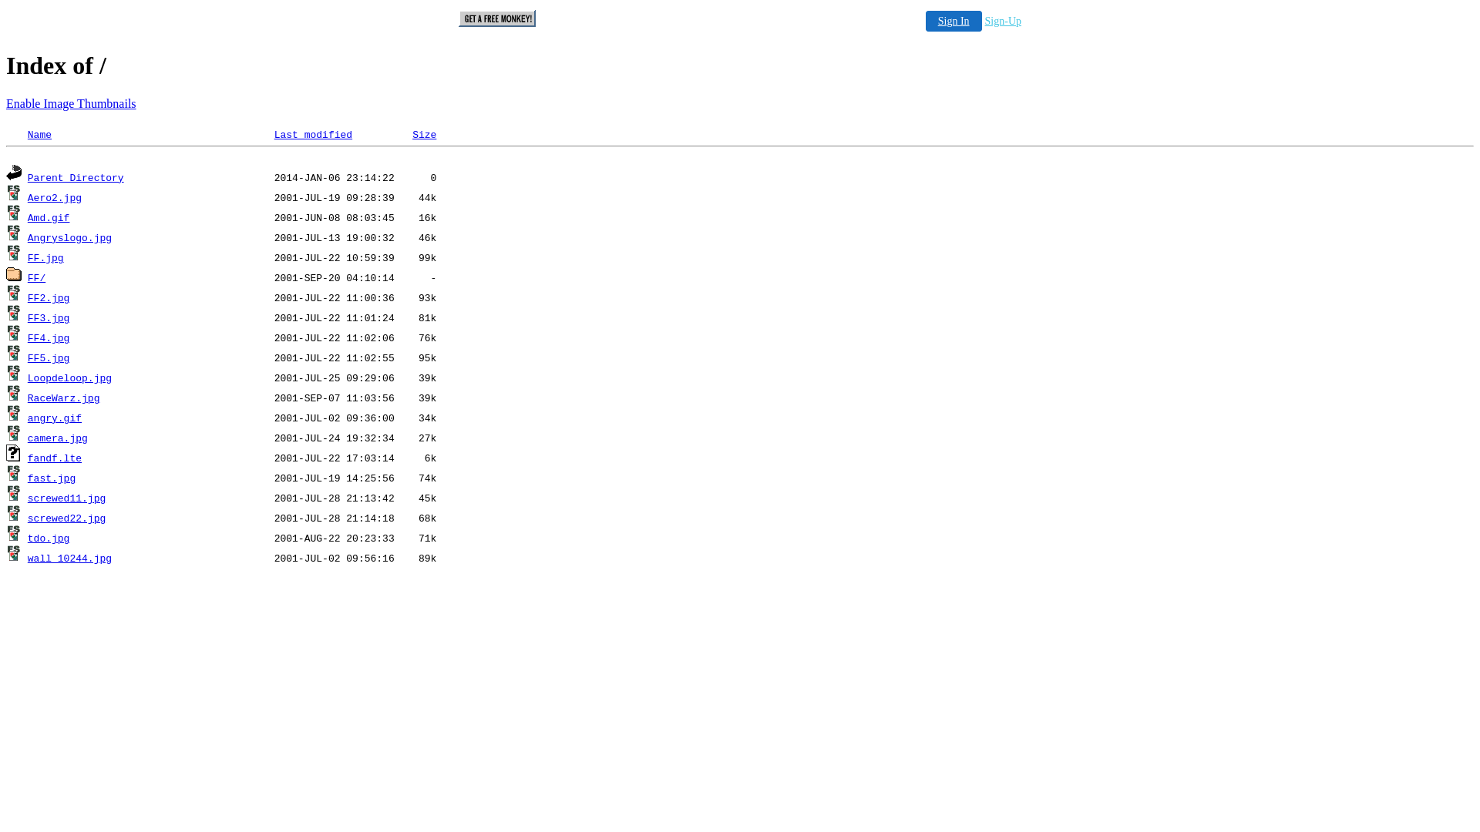  I want to click on 'Angryslogo.jpg', so click(69, 238).